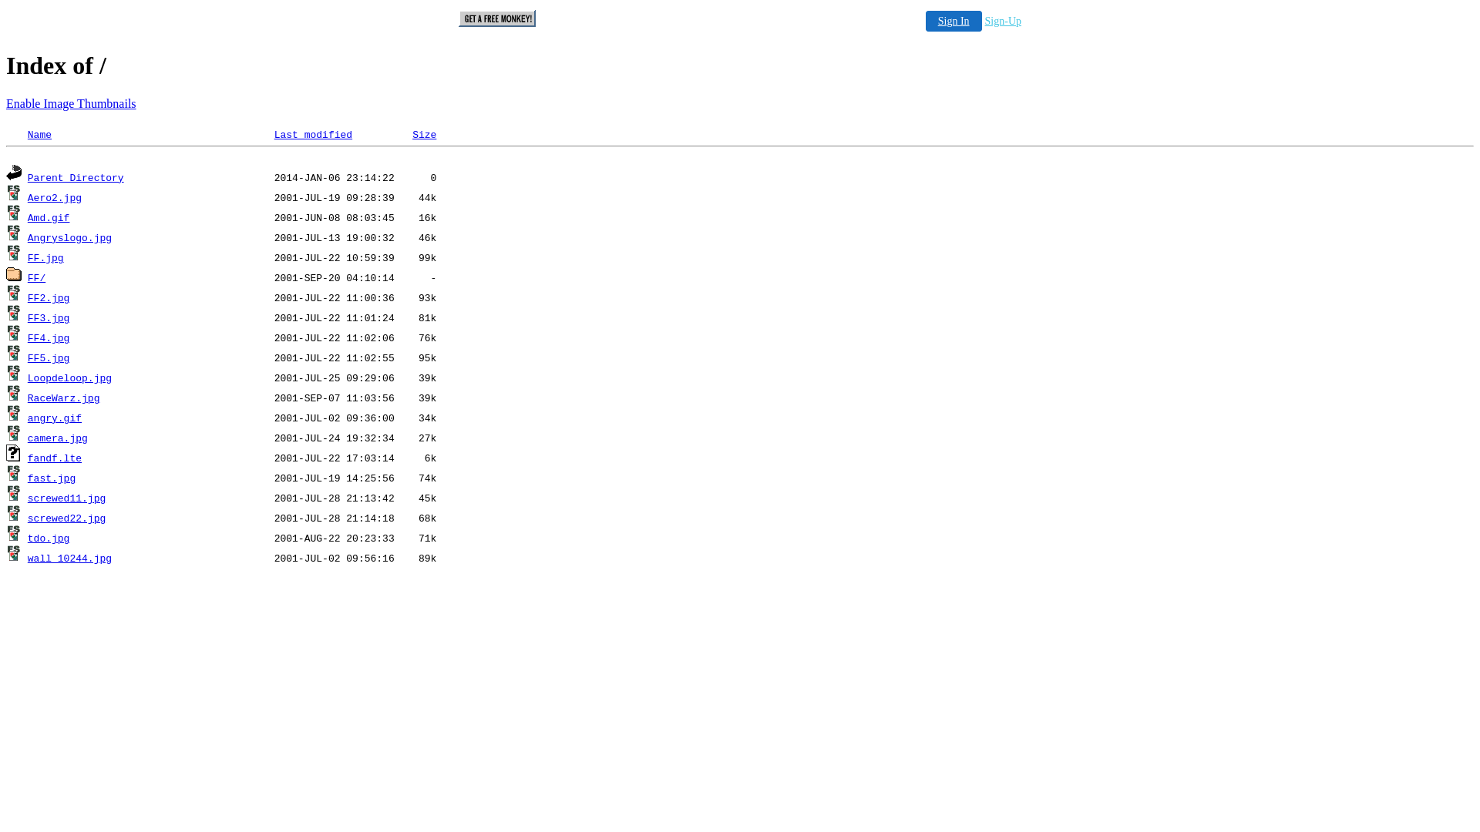  I want to click on 'Angryslogo.jpg', so click(69, 238).